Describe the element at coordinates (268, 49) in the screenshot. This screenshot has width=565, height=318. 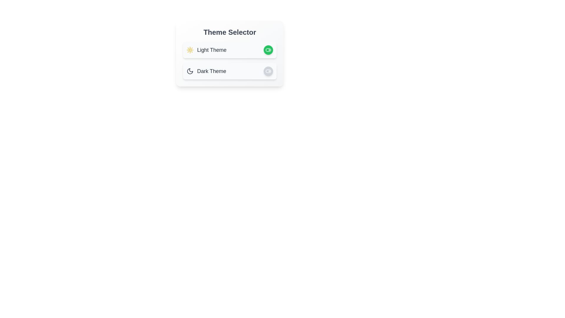
I see `the Light Theme button to toggle its state` at that location.